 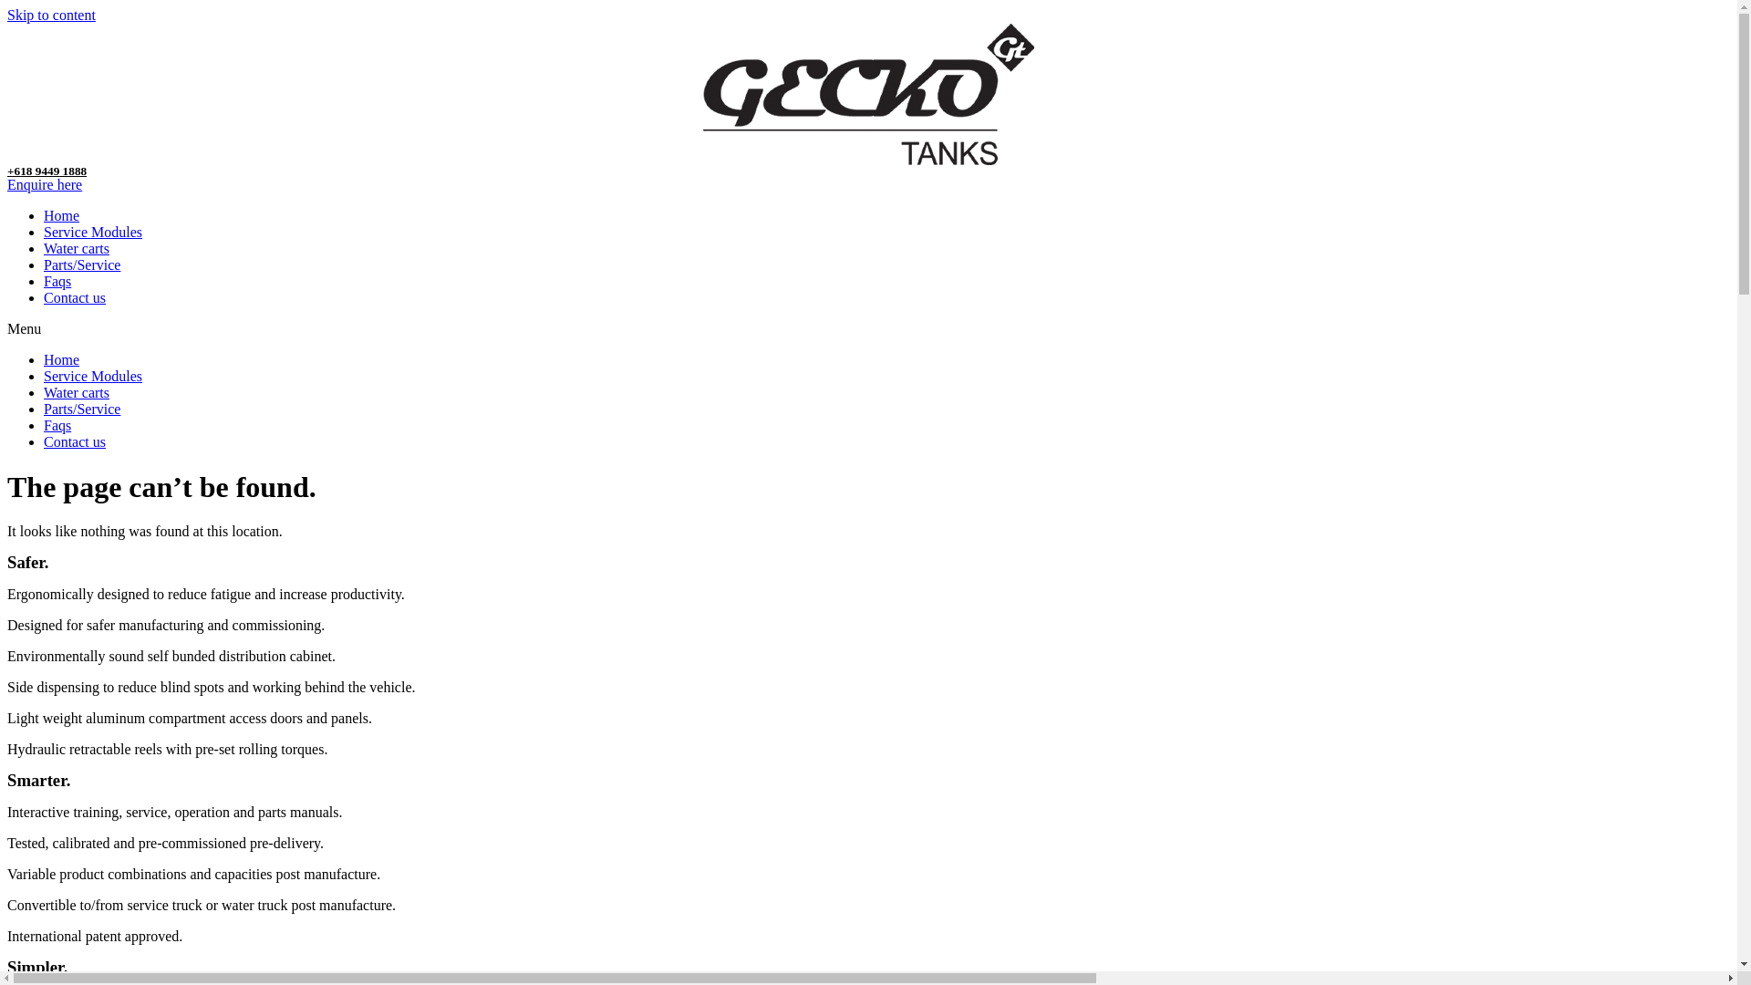 What do you see at coordinates (44, 296) in the screenshot?
I see `'Contact us'` at bounding box center [44, 296].